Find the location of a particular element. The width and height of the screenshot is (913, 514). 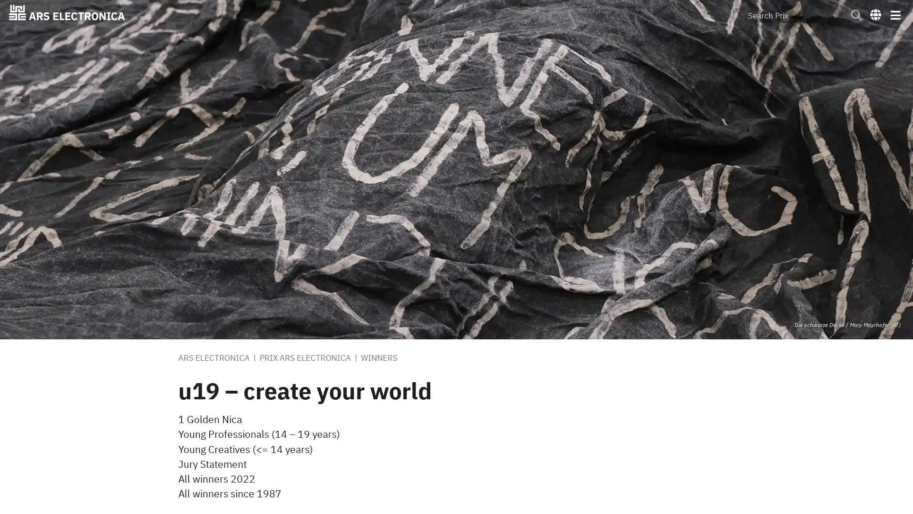

Show language menu is located at coordinates (875, 14).